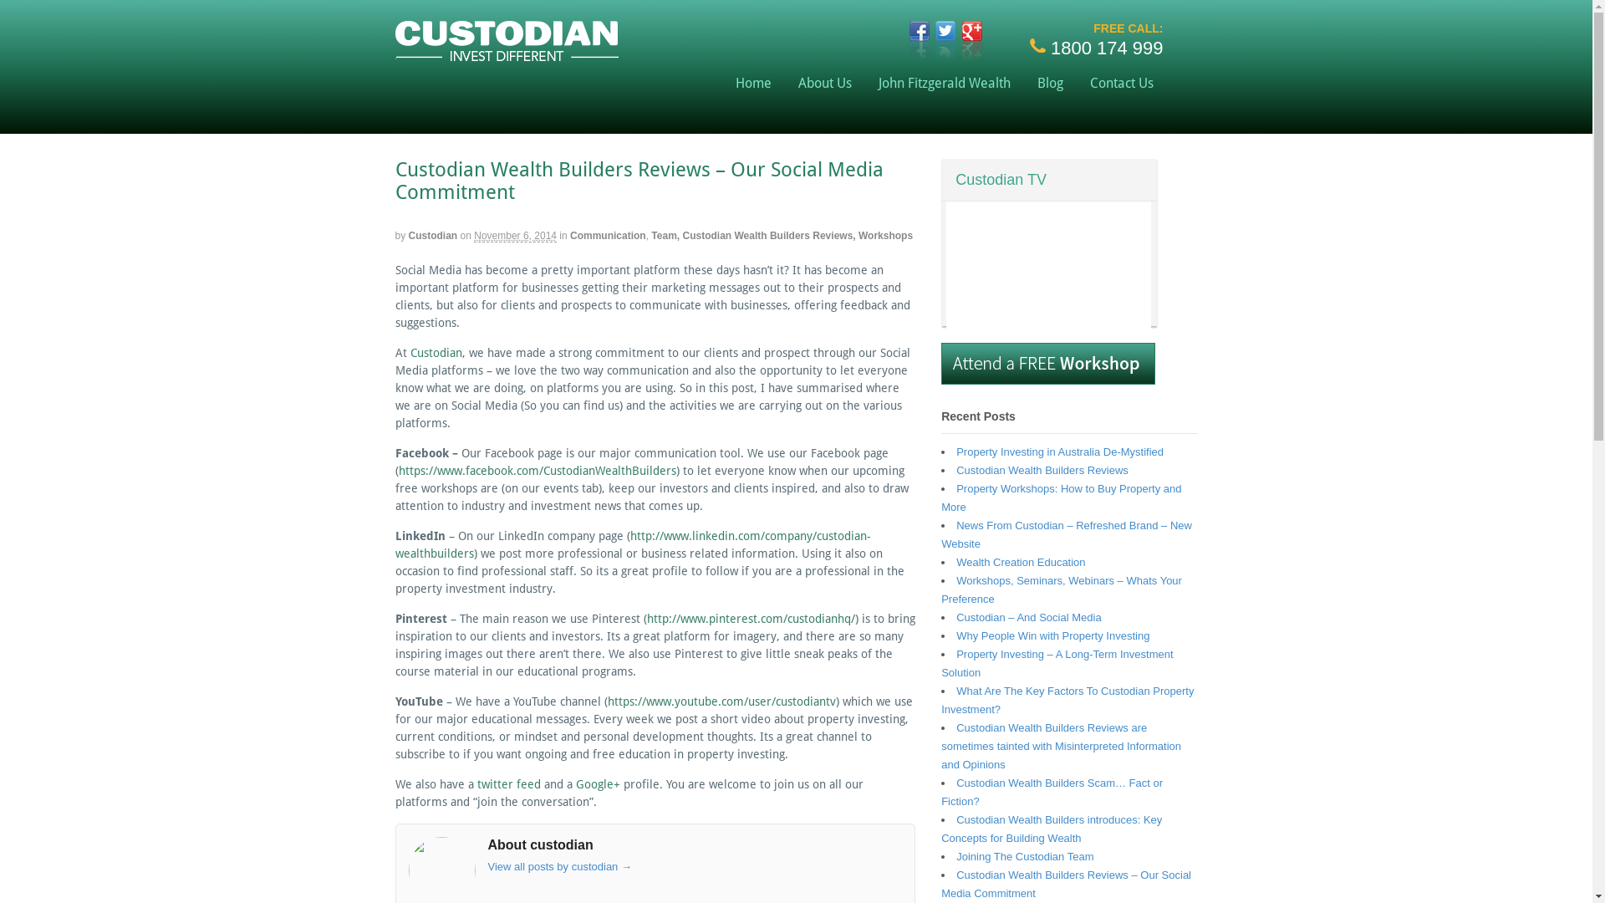  What do you see at coordinates (781, 235) in the screenshot?
I see `'Team, Custodian Wealth Builders Reviews, Workshops'` at bounding box center [781, 235].